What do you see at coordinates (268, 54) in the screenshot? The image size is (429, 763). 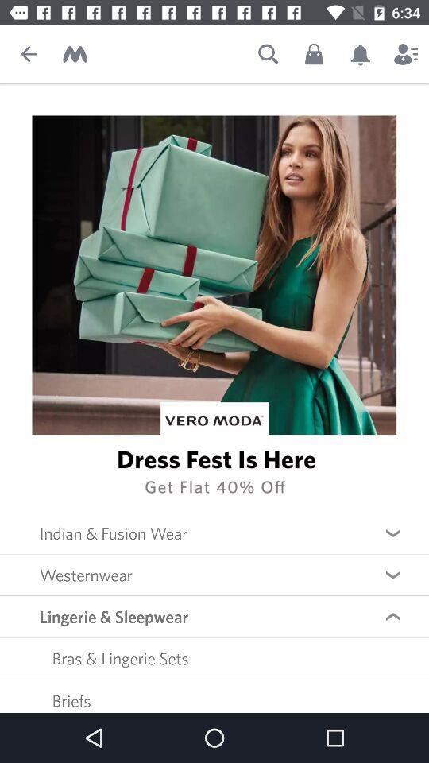 I see `perform a search` at bounding box center [268, 54].